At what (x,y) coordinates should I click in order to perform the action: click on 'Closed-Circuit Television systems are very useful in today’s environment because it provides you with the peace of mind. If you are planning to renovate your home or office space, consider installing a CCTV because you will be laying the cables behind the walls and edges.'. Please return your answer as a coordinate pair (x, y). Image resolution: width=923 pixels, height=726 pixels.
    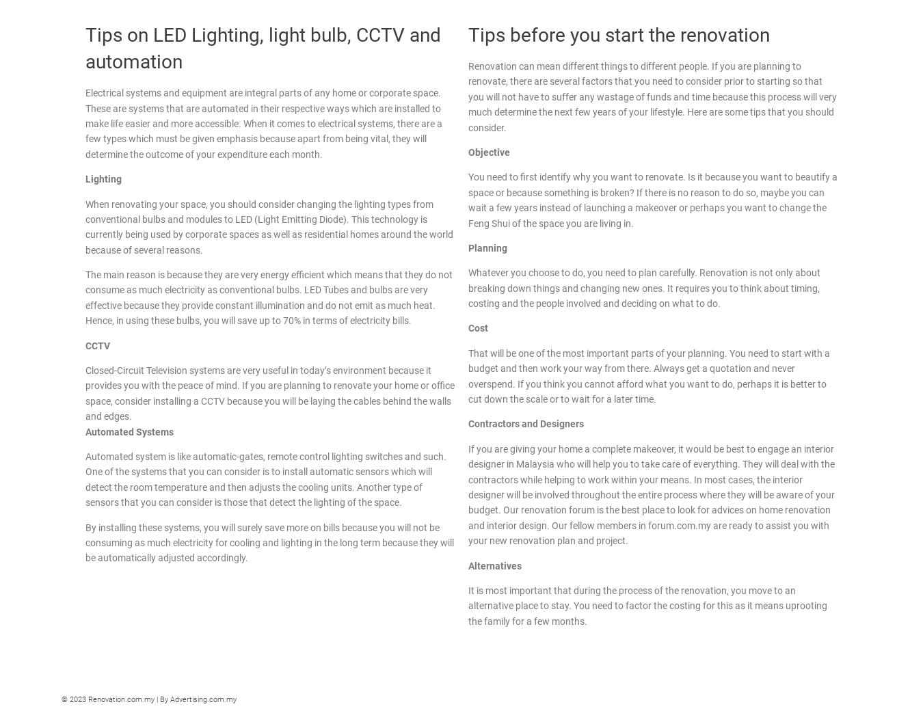
    Looking at the image, I should click on (270, 393).